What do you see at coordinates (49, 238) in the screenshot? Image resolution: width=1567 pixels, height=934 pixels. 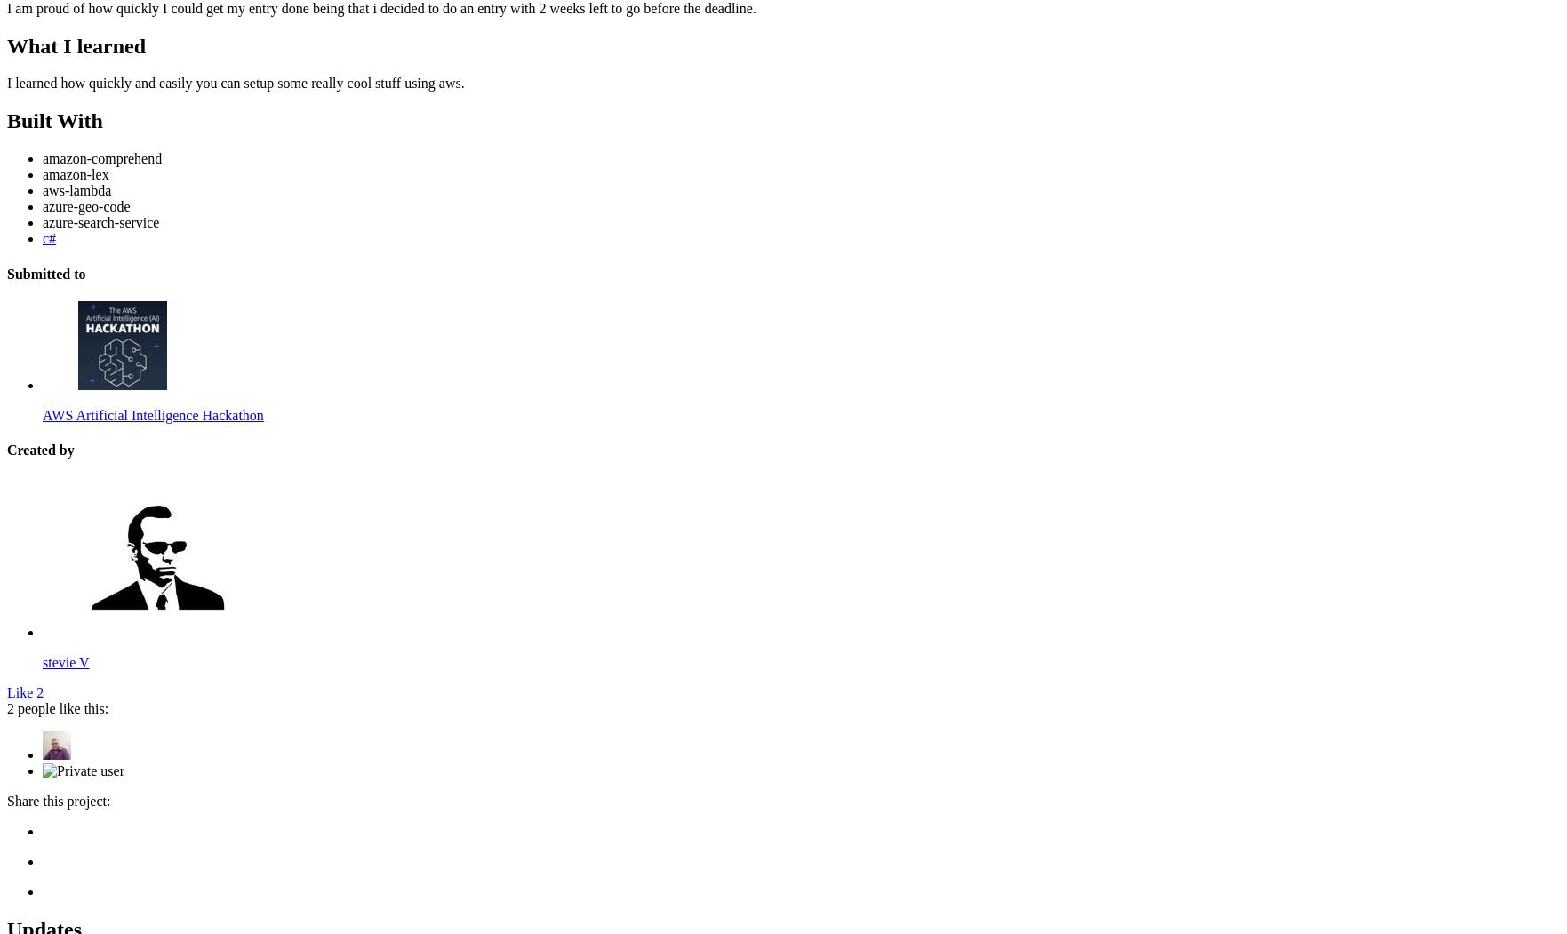 I see `'c#'` at bounding box center [49, 238].